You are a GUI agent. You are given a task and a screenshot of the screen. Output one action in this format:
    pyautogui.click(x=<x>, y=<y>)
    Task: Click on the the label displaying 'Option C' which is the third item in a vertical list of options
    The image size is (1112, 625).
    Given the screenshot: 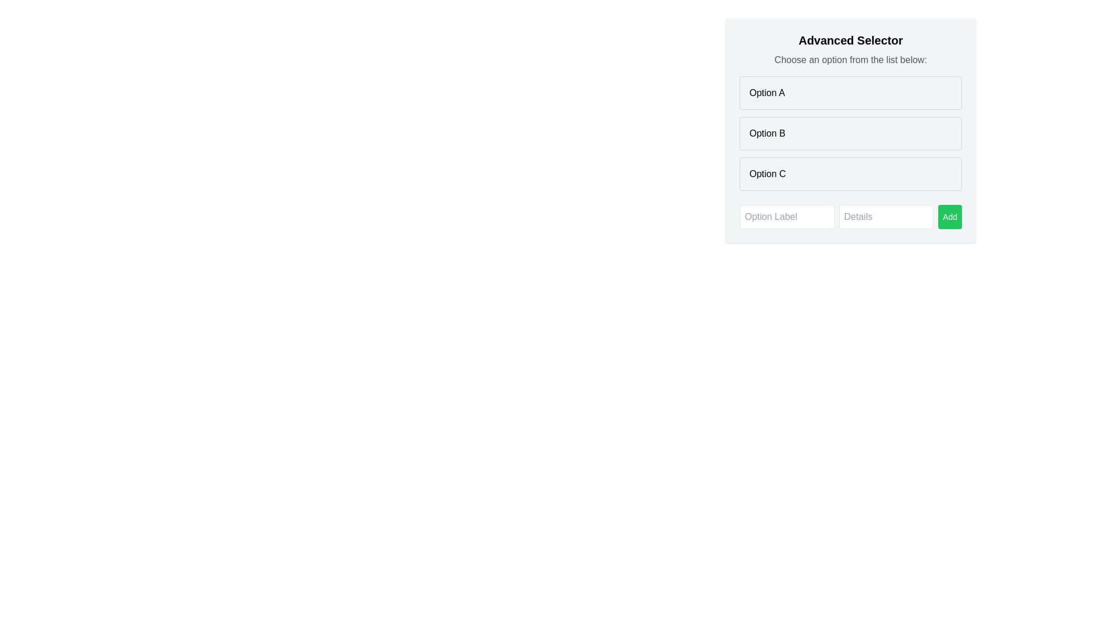 What is the action you would take?
    pyautogui.click(x=767, y=174)
    